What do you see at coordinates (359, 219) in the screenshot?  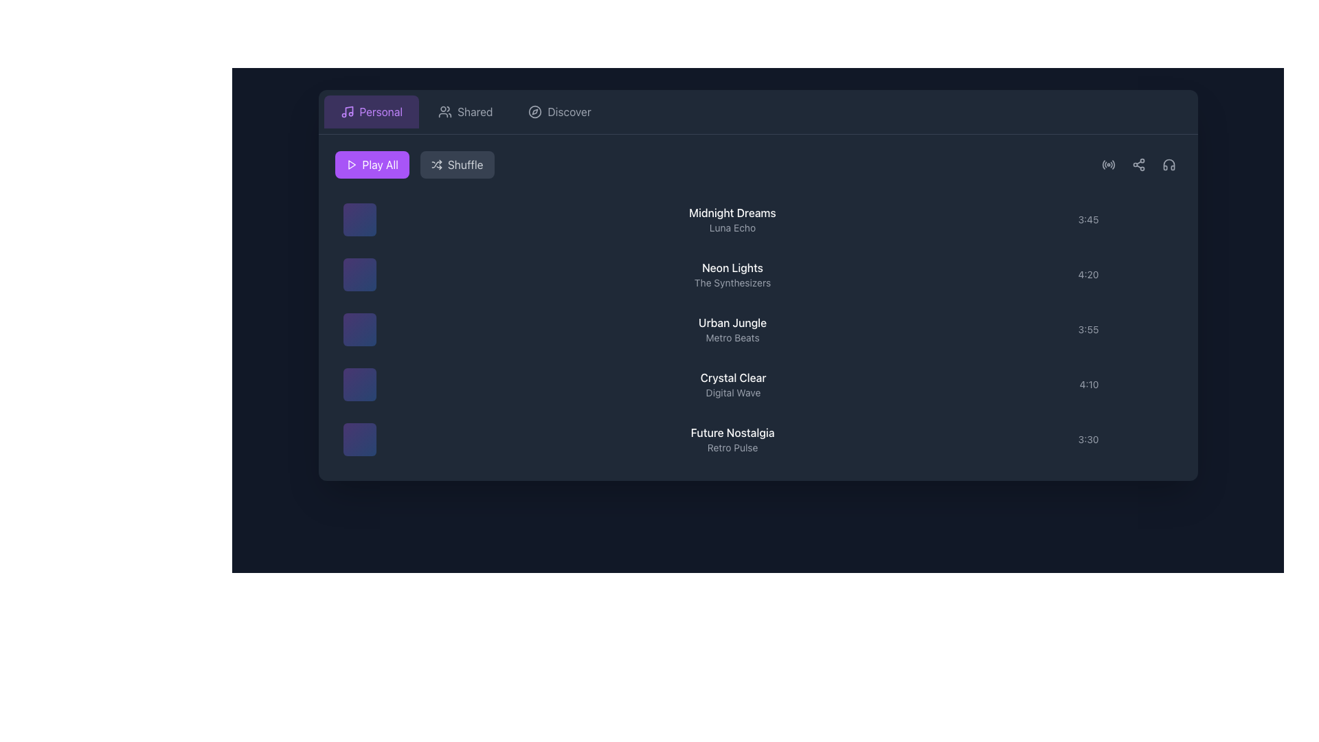 I see `the Thumbnail with an embedded play button located next to 'Midnight Dreams' and 'Luna Echo', which serves as a visual representation of media content` at bounding box center [359, 219].